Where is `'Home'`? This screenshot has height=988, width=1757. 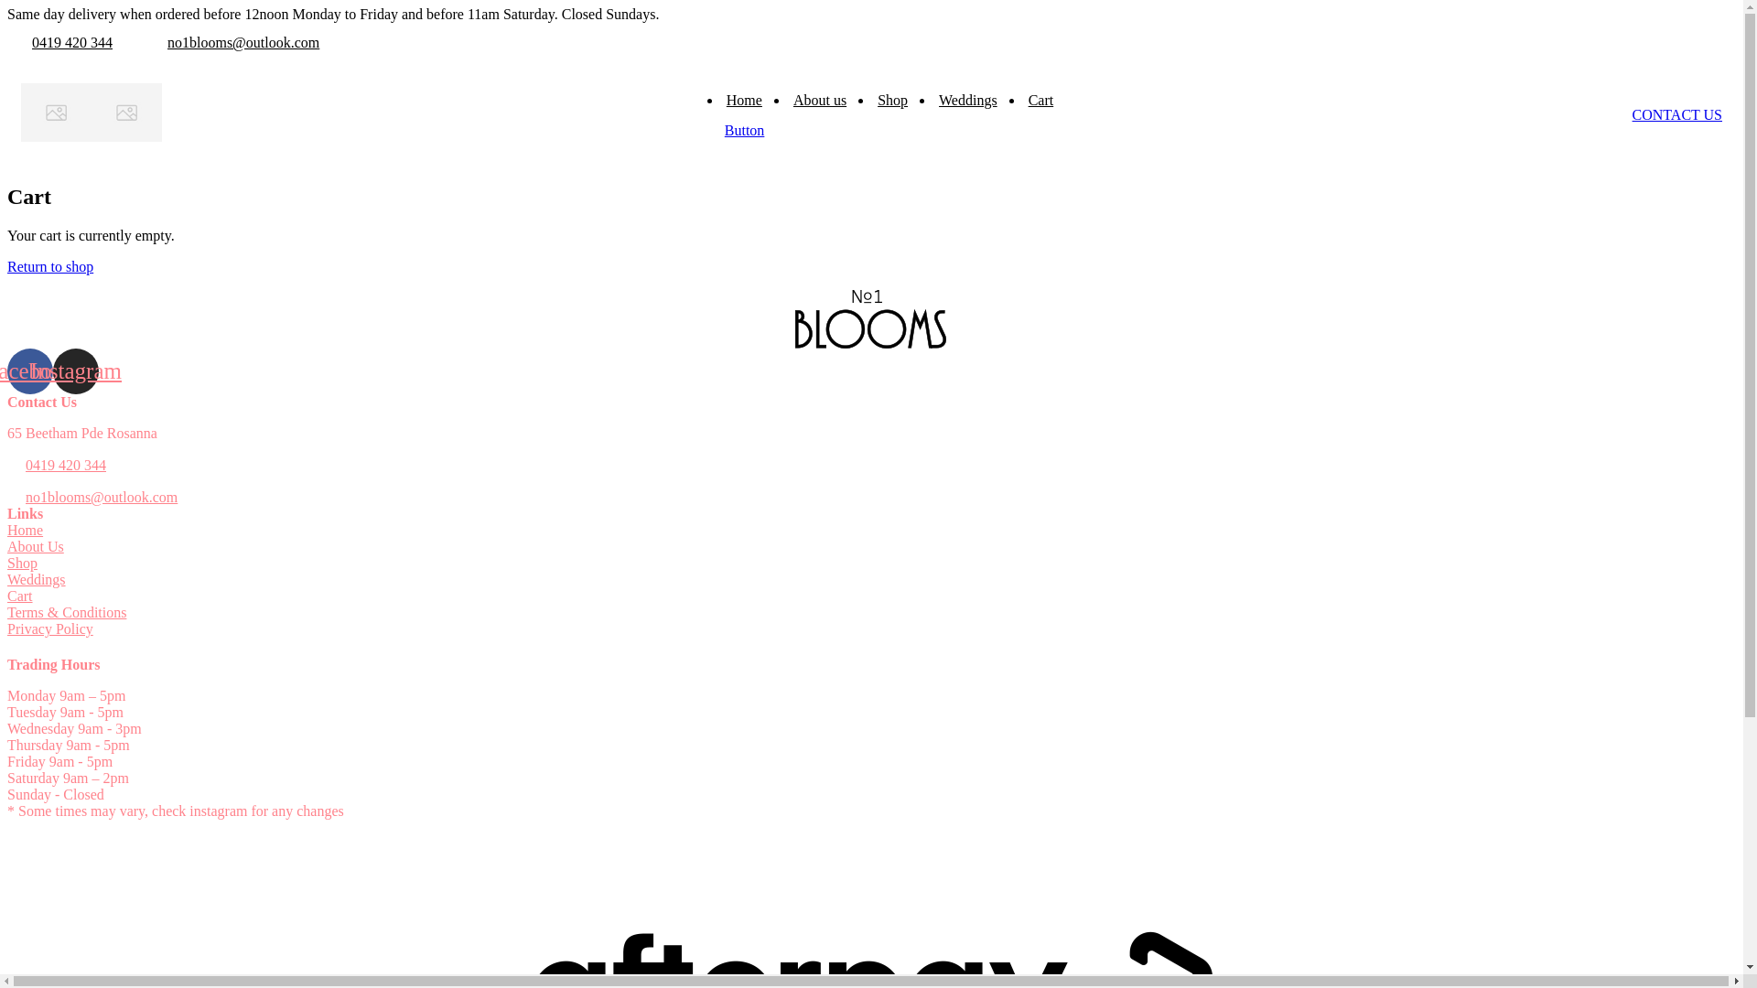 'Home' is located at coordinates (25, 530).